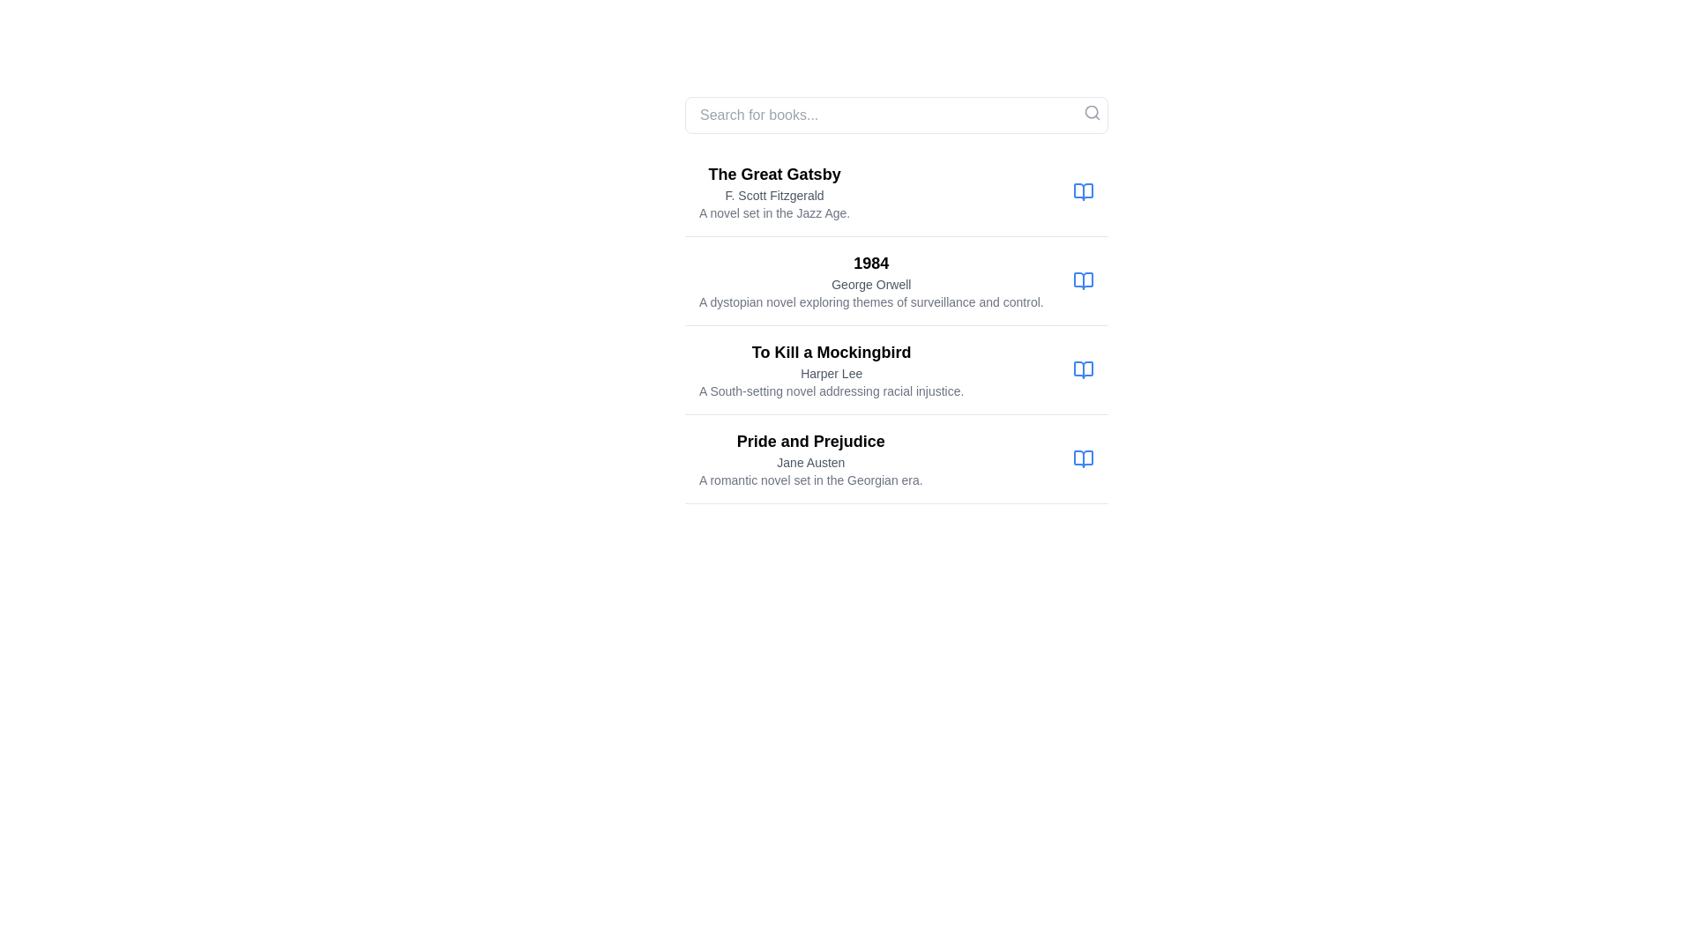 Image resolution: width=1693 pixels, height=952 pixels. What do you see at coordinates (809, 441) in the screenshot?
I see `the text label that serves as the title of a book in a list, located in the fourth position, below 'To Kill a Mockingbird' and above 'Jane Austen'` at bounding box center [809, 441].